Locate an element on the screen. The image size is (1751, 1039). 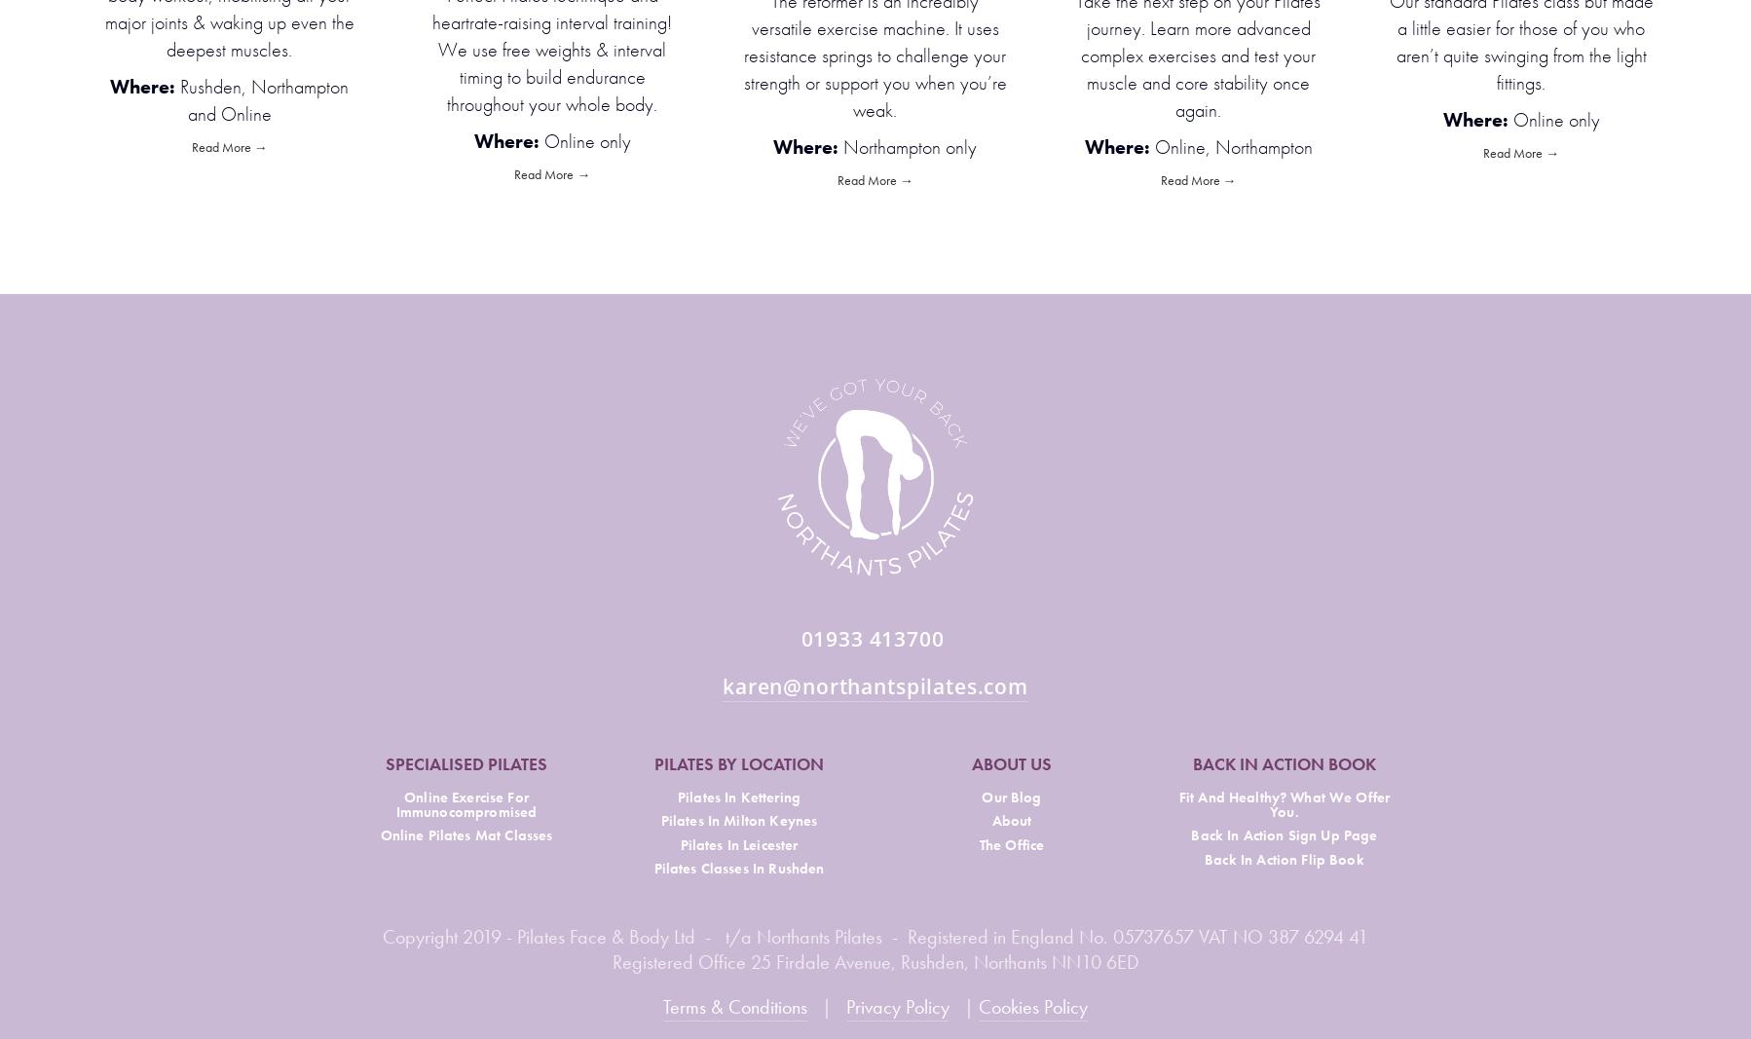
'Copyright 2019 - Pilates Face & Body Ltd  -   t/a Northants Pilates  -  Registered in England No. 05737657 VAT NO 387 6294 41' is located at coordinates (875, 937).